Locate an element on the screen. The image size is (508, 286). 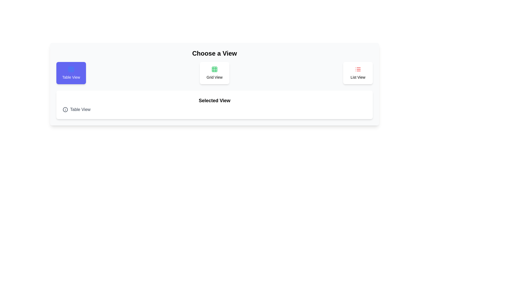
the header text indicating the currently selected view within the UI component for choosing different views is located at coordinates (215, 101).